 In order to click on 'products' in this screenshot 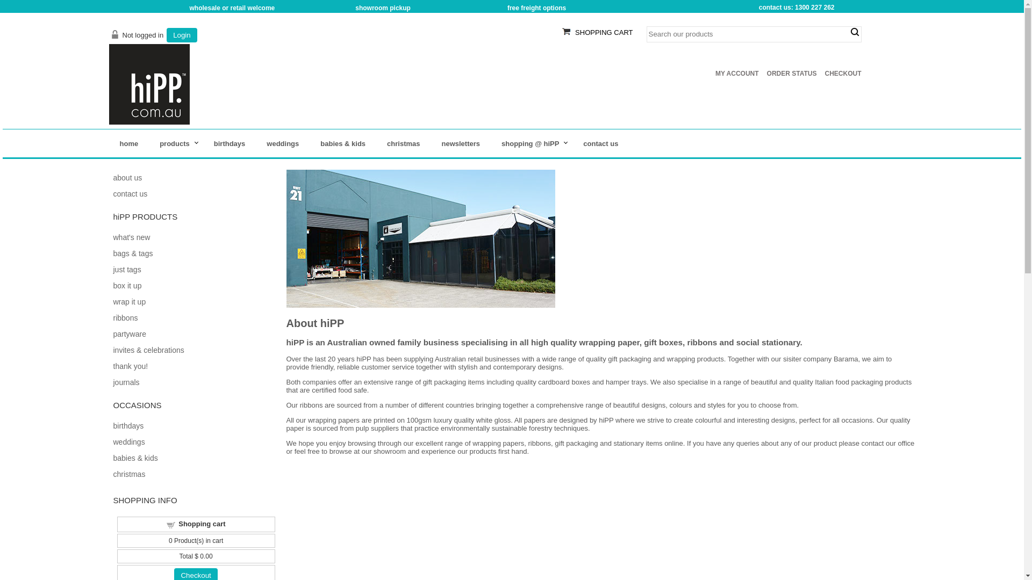, I will do `click(176, 143)`.